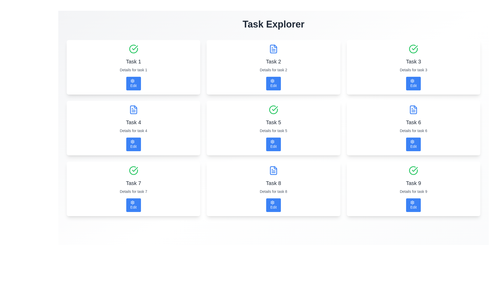 The image size is (504, 283). Describe the element at coordinates (133, 110) in the screenshot. I see `the rectangular blue icon with a document-like outline located in the second card of the second row labeled 'Task 4'` at that location.